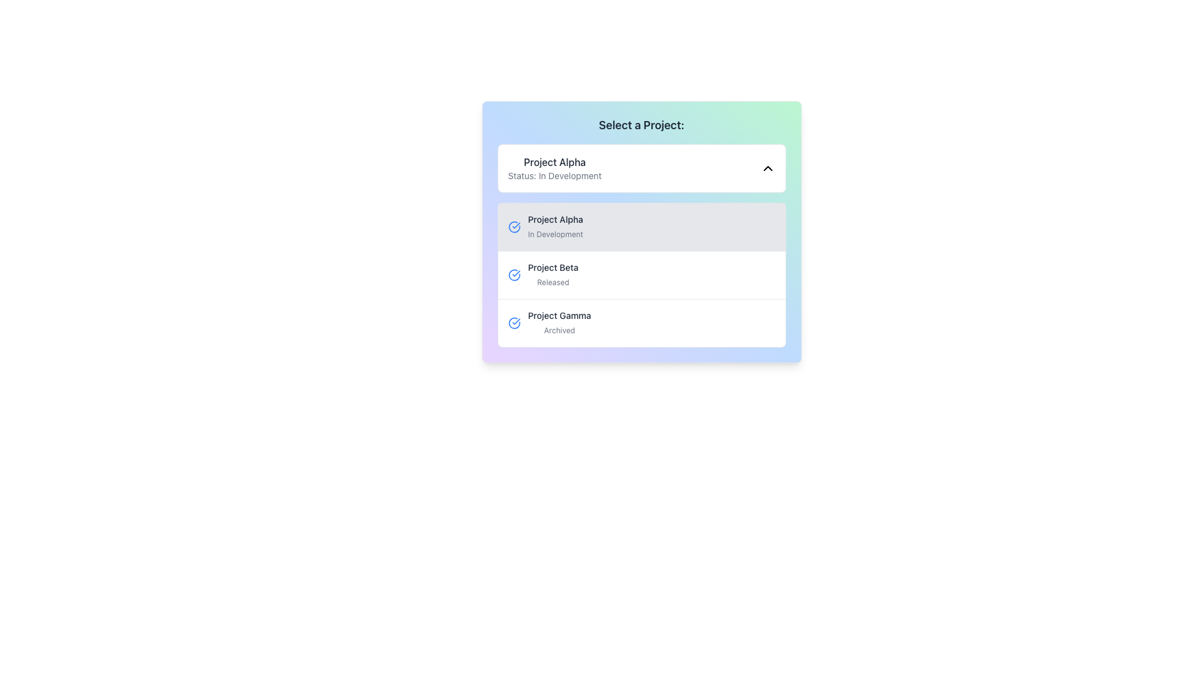 This screenshot has height=674, width=1199. What do you see at coordinates (641, 322) in the screenshot?
I see `the 'Project Gamma' entry in the selectable list` at bounding box center [641, 322].